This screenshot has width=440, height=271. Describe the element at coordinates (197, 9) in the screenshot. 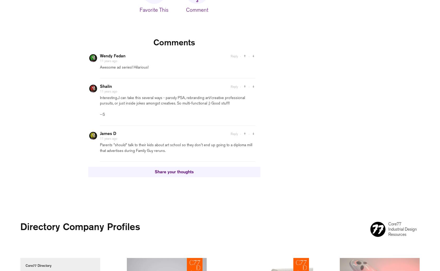

I see `'Comment'` at that location.